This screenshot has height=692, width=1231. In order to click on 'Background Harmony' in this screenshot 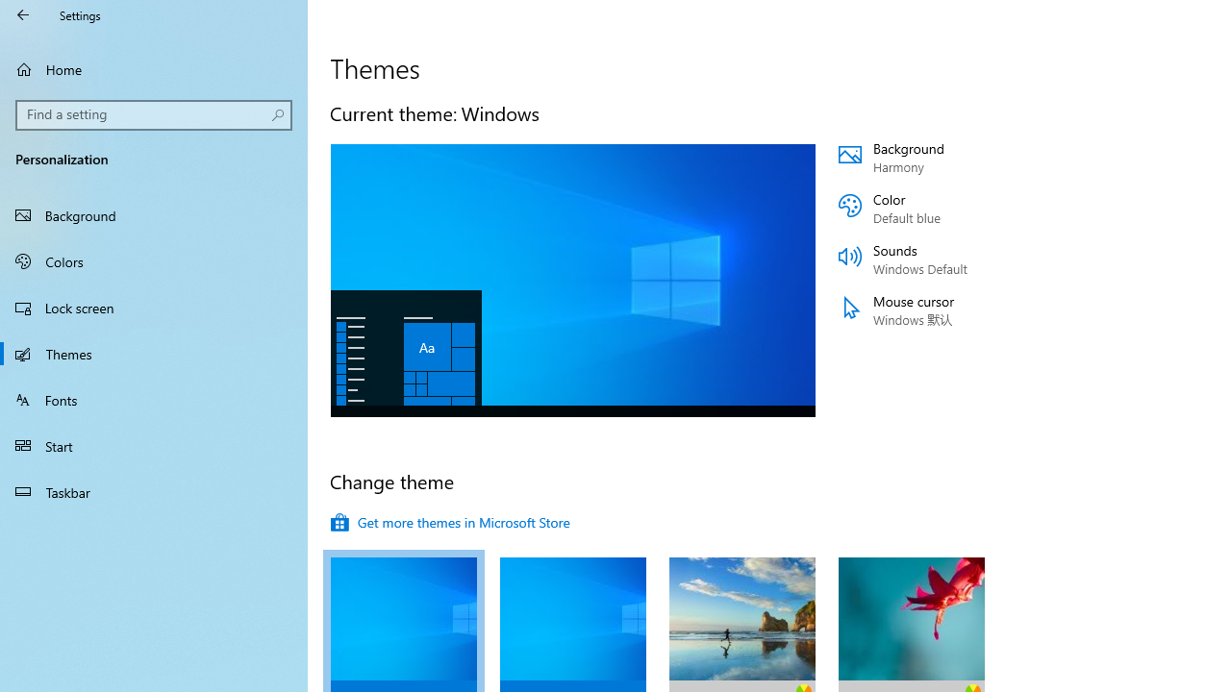, I will do `click(954, 157)`.